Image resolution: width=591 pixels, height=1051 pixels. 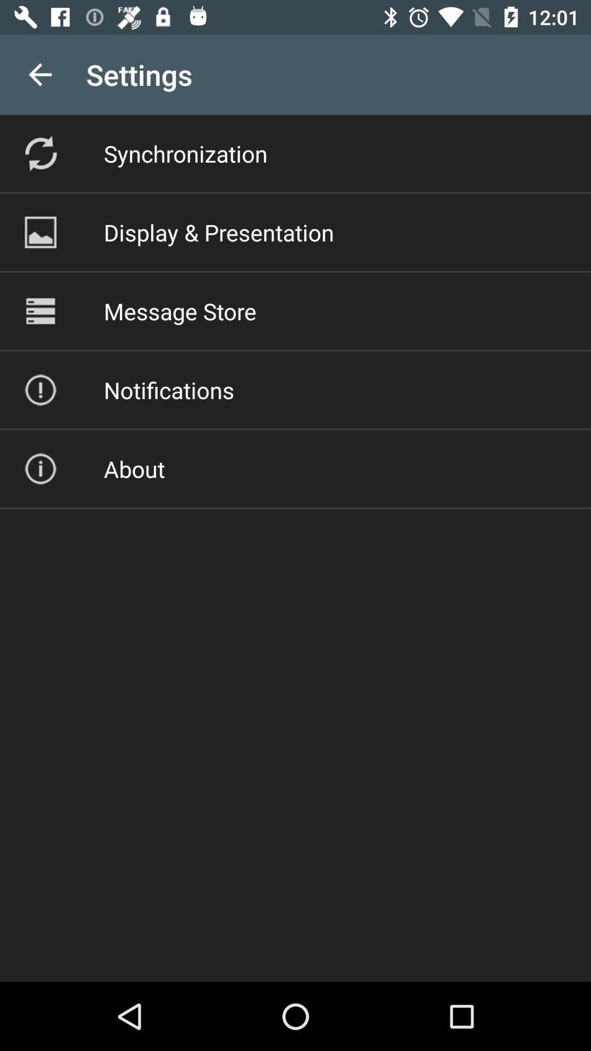 I want to click on display & presentation icon, so click(x=219, y=232).